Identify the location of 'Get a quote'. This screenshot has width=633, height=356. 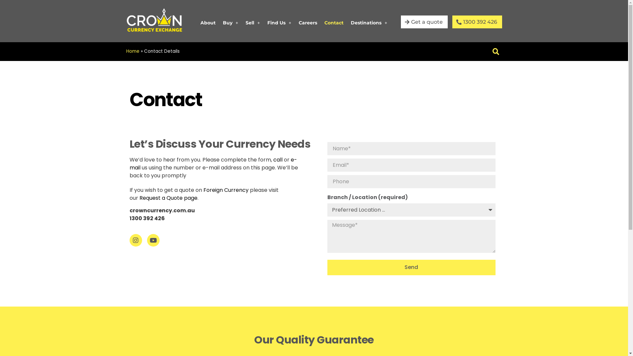
(424, 21).